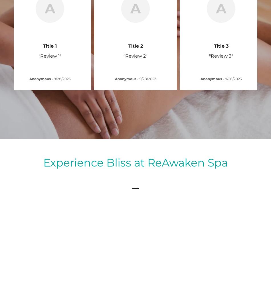  Describe the element at coordinates (50, 46) in the screenshot. I see `'Title 1'` at that location.